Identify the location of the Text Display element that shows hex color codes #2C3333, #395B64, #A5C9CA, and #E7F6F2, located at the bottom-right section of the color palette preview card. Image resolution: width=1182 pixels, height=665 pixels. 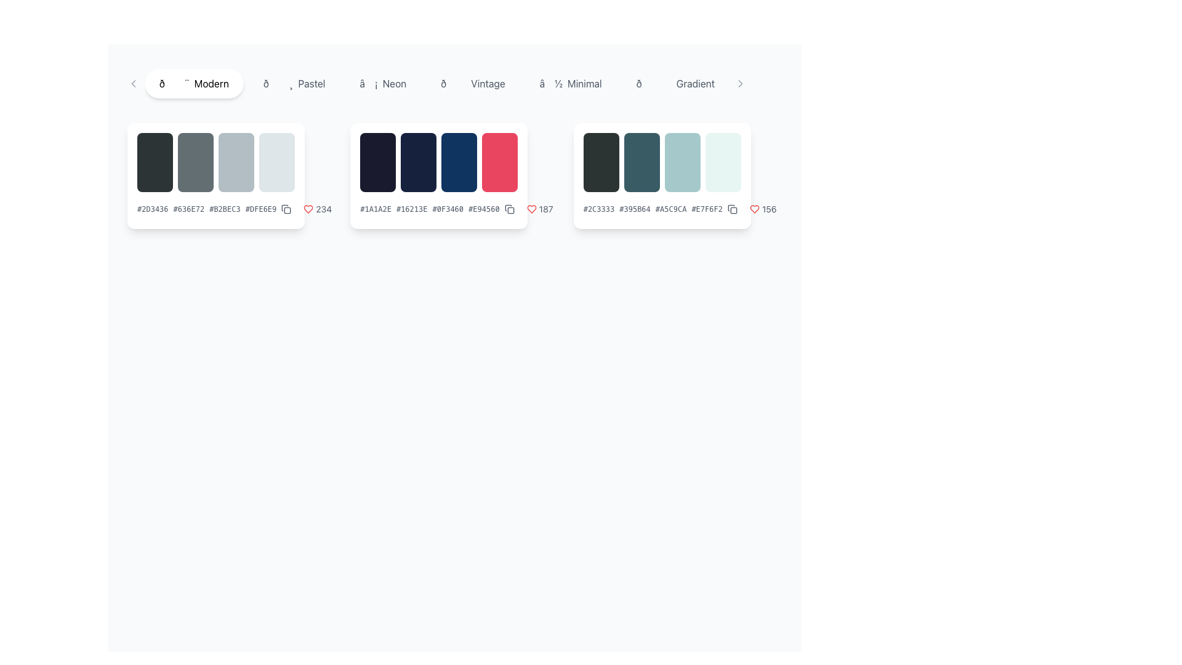
(652, 208).